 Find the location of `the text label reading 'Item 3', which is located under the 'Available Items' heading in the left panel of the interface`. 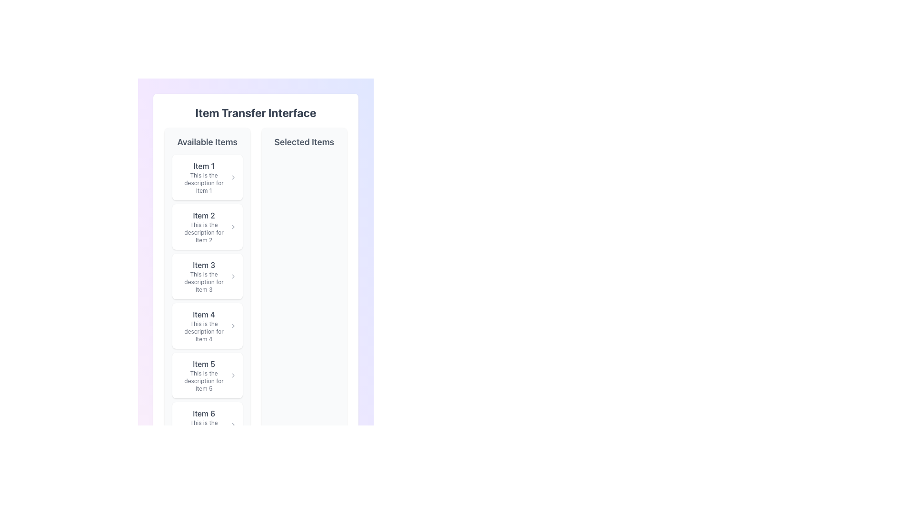

the text label reading 'Item 3', which is located under the 'Available Items' heading in the left panel of the interface is located at coordinates (203, 265).